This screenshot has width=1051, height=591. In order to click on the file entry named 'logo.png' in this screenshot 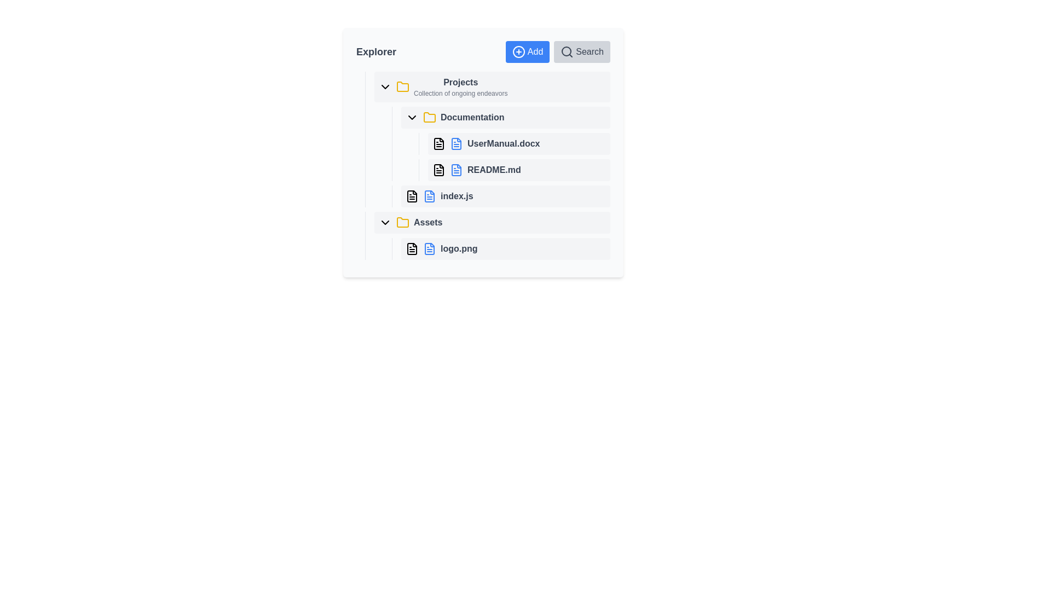, I will do `click(487, 235)`.